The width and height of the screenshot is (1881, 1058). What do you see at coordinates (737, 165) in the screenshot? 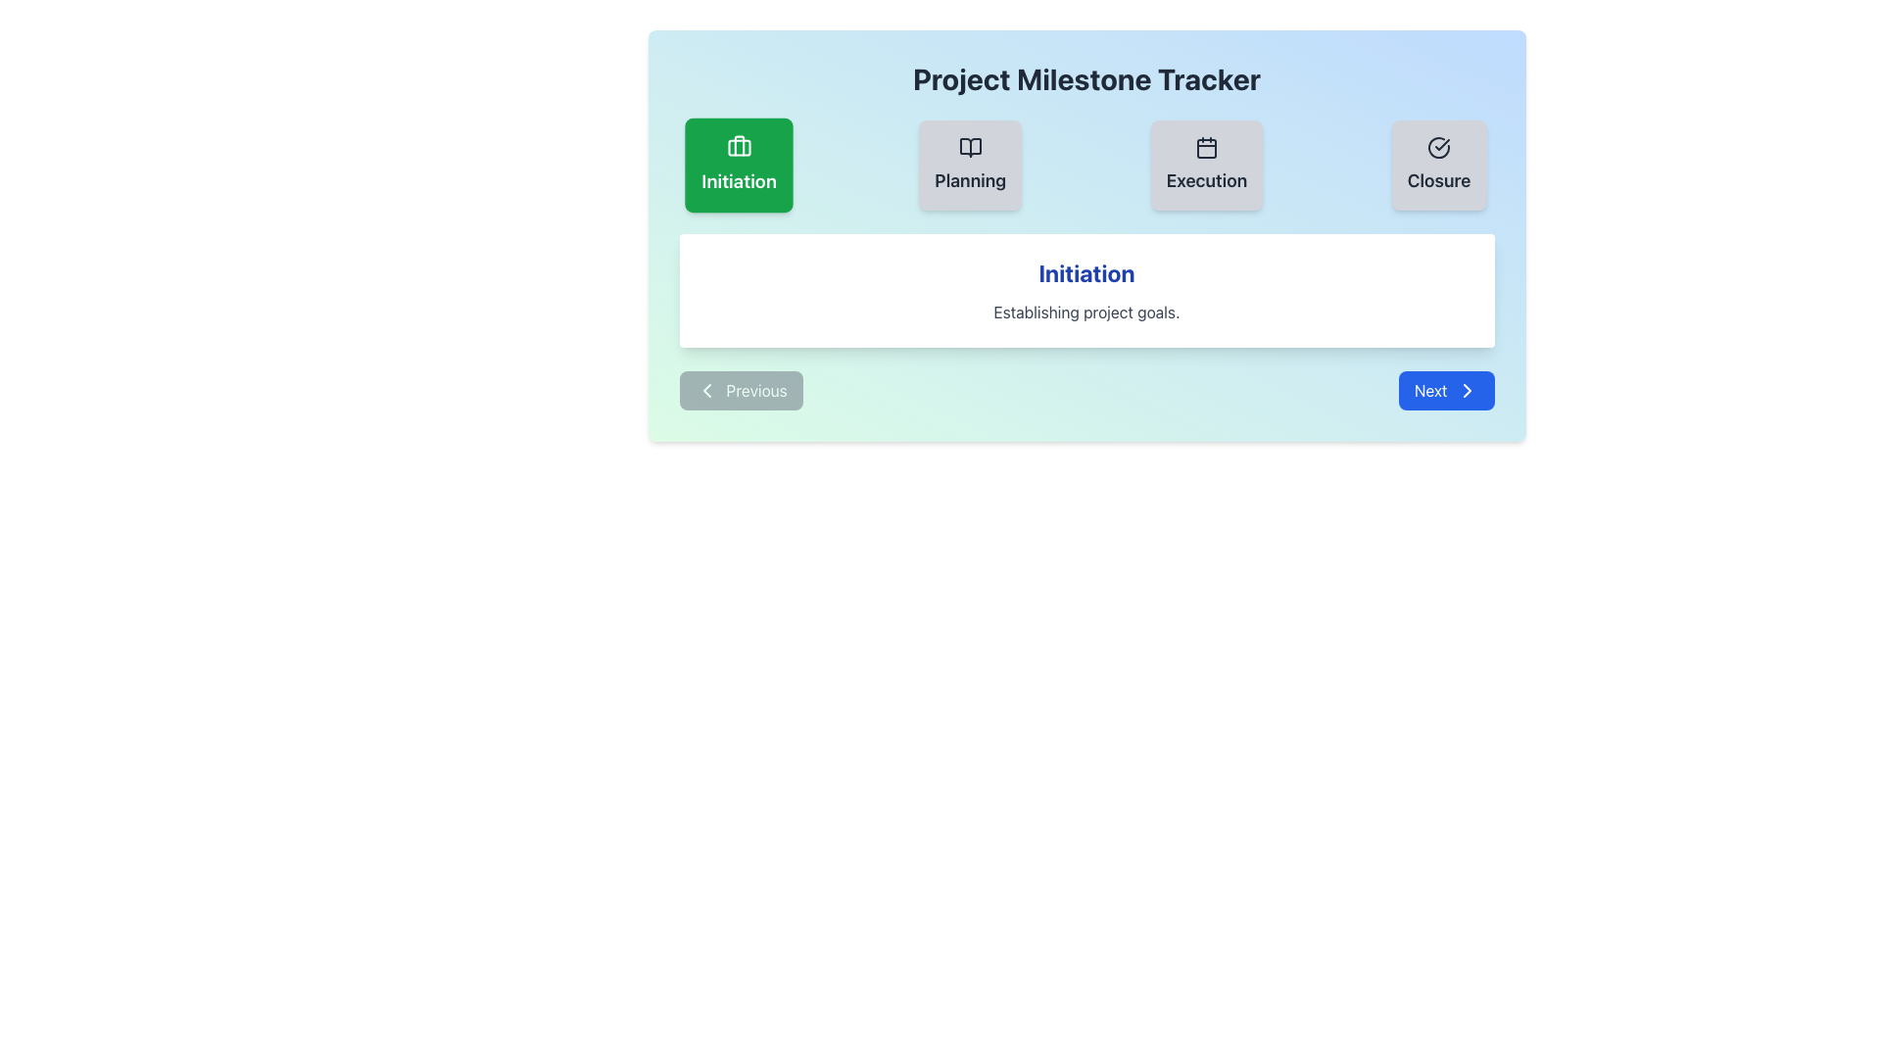
I see `the card with a green background and bold white text 'Initiation'` at bounding box center [737, 165].